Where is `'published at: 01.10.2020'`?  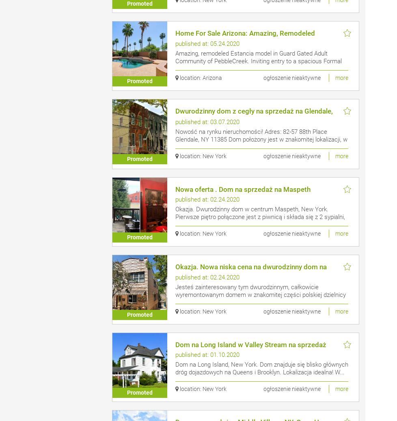
'published at: 01.10.2020' is located at coordinates (207, 355).